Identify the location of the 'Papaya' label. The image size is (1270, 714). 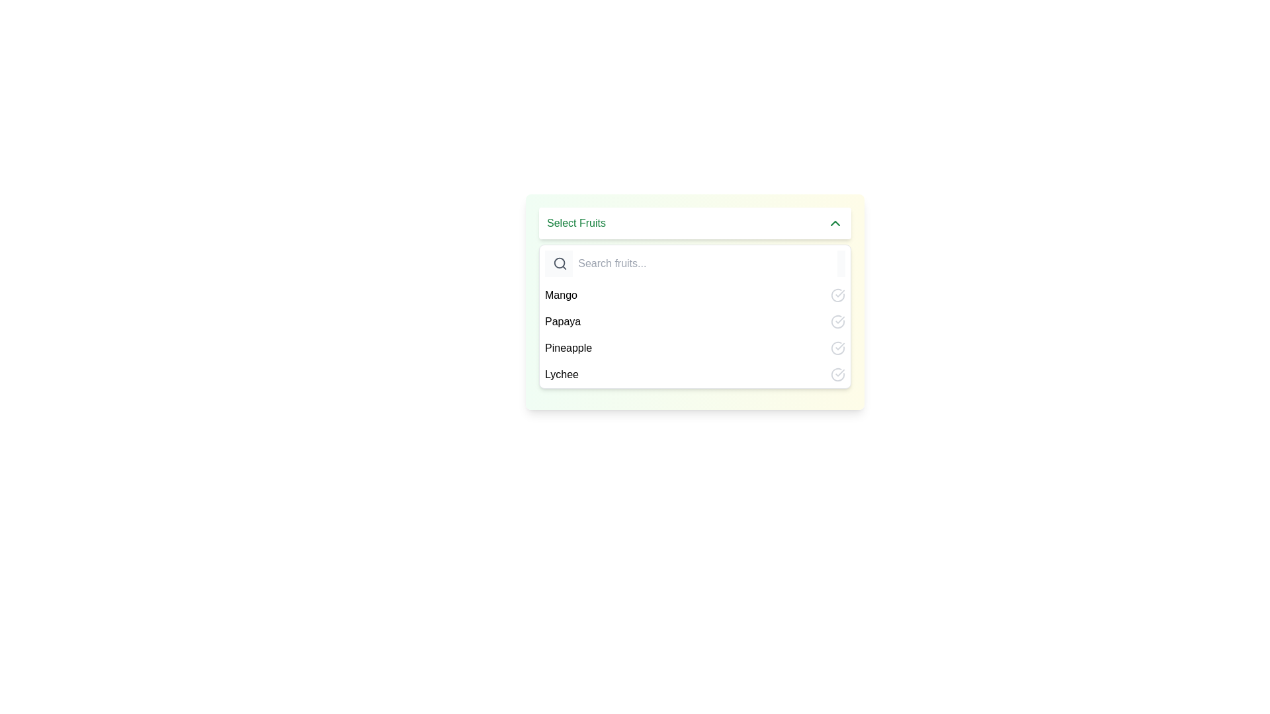
(563, 321).